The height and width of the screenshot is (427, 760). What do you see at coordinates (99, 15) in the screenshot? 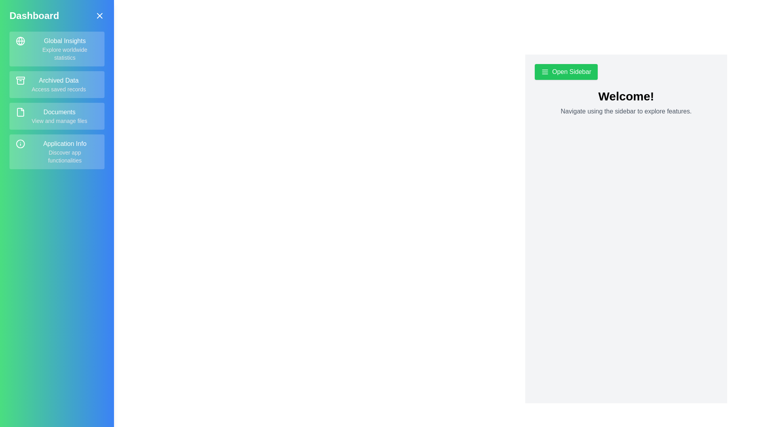
I see `the toggle button to toggle the sidebar visibility` at bounding box center [99, 15].